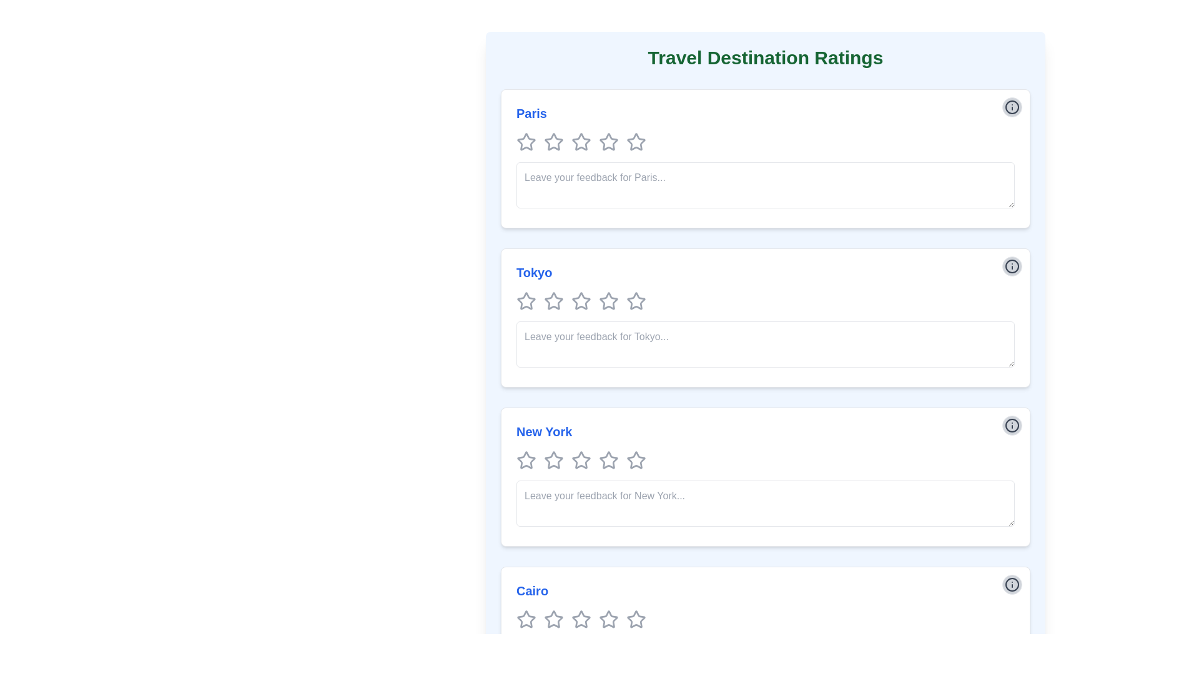 The height and width of the screenshot is (674, 1199). What do you see at coordinates (636, 301) in the screenshot?
I see `the fourth star icon in the rating system for the 'Tokyo' destination to rate it` at bounding box center [636, 301].